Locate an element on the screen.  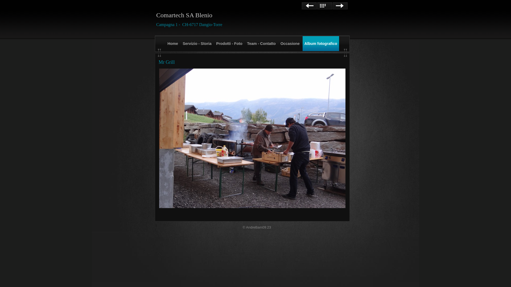
'Comartech SA Blenio' is located at coordinates (184, 15).